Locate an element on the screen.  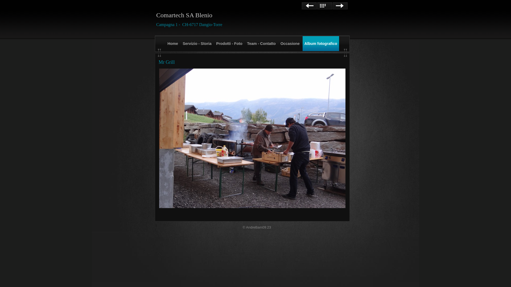
'Comartech SA Blenio' is located at coordinates (184, 15).